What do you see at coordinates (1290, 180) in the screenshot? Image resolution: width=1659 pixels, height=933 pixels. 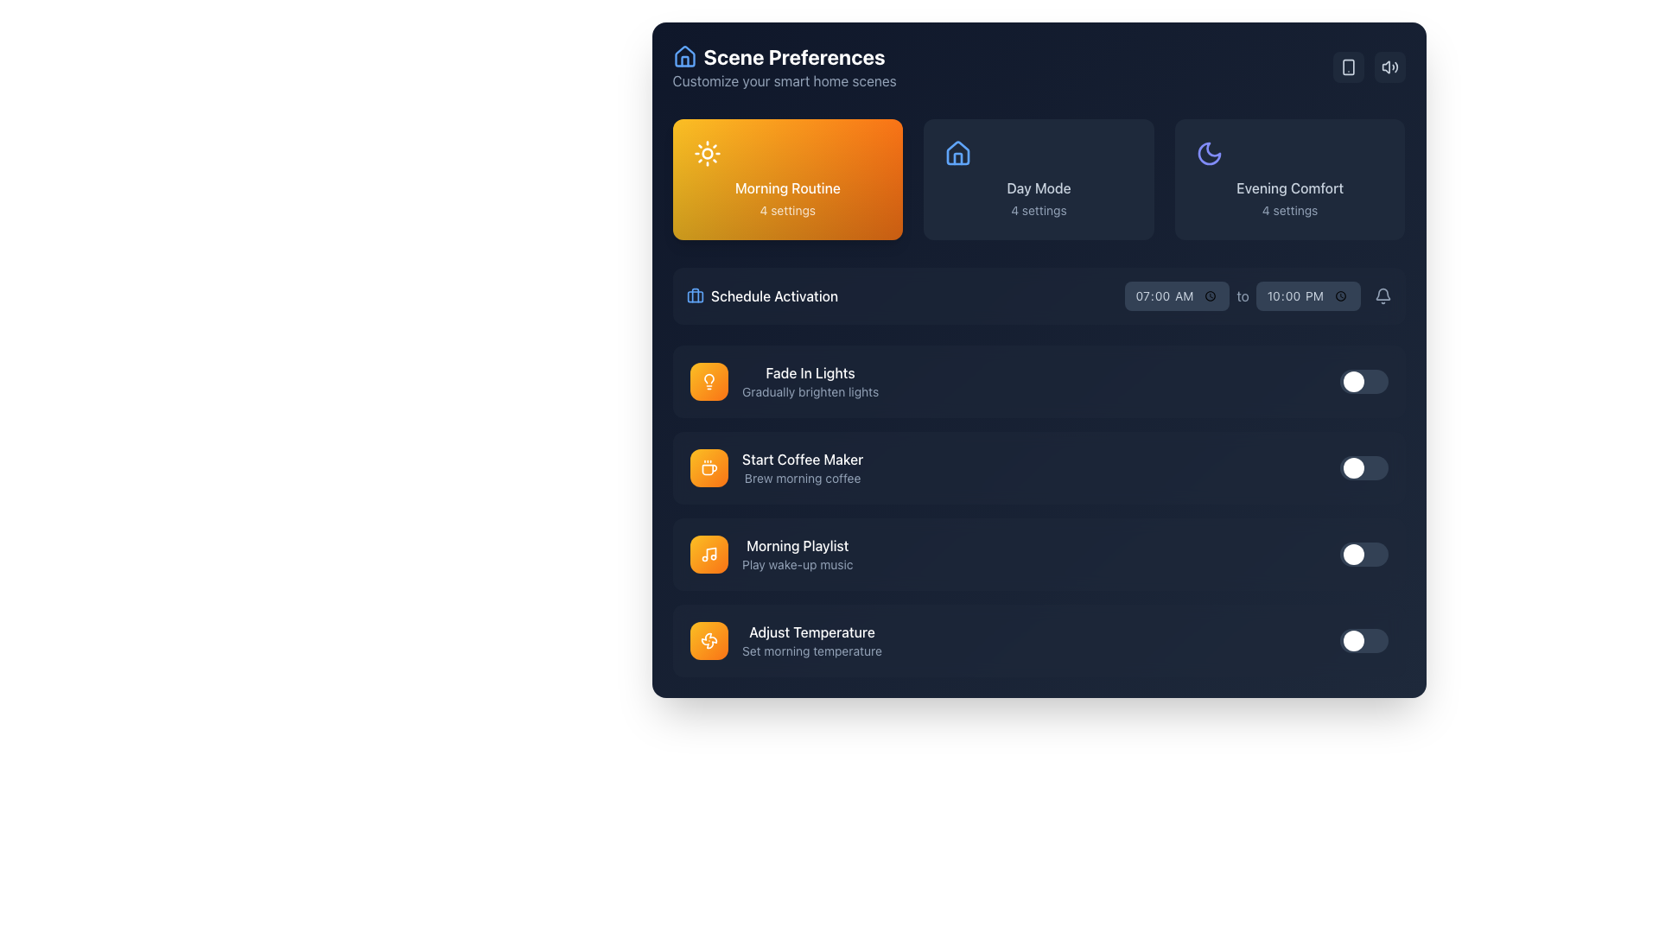 I see `the interactive button labeled 'Evening Comfort' with a moon icon` at bounding box center [1290, 180].